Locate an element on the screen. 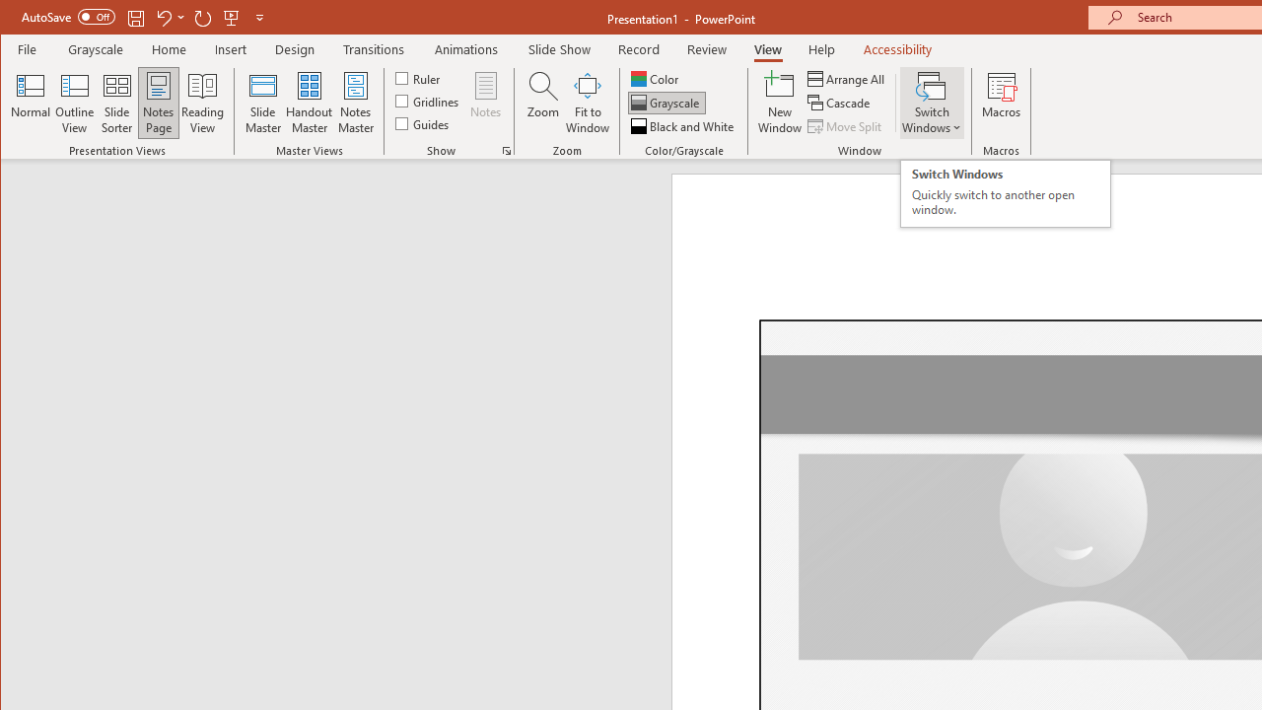 Image resolution: width=1262 pixels, height=710 pixels. 'Cascade' is located at coordinates (841, 103).